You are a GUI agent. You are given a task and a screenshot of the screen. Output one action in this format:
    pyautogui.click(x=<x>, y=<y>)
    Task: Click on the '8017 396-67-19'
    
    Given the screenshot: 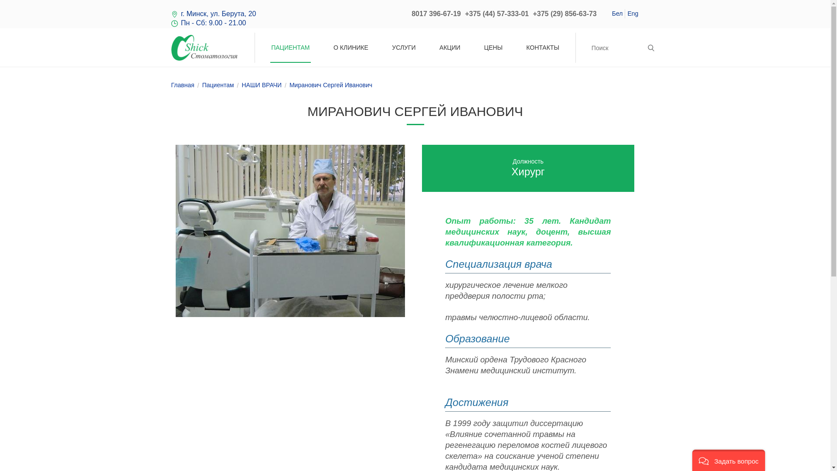 What is the action you would take?
    pyautogui.click(x=436, y=14)
    